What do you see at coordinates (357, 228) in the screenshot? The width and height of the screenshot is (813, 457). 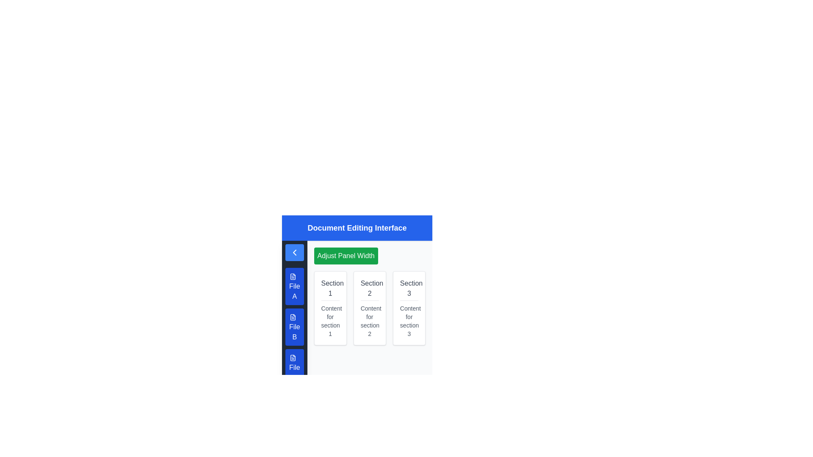 I see `the vibrant blue banner labeled 'Document Editing Interface' at the top of the interface layout` at bounding box center [357, 228].